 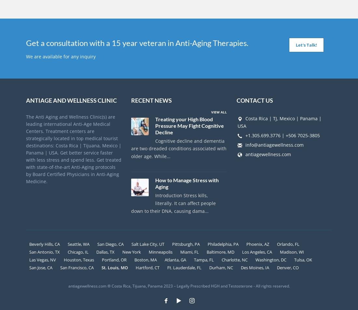 What do you see at coordinates (204, 259) in the screenshot?
I see `'Tampa, FL'` at bounding box center [204, 259].